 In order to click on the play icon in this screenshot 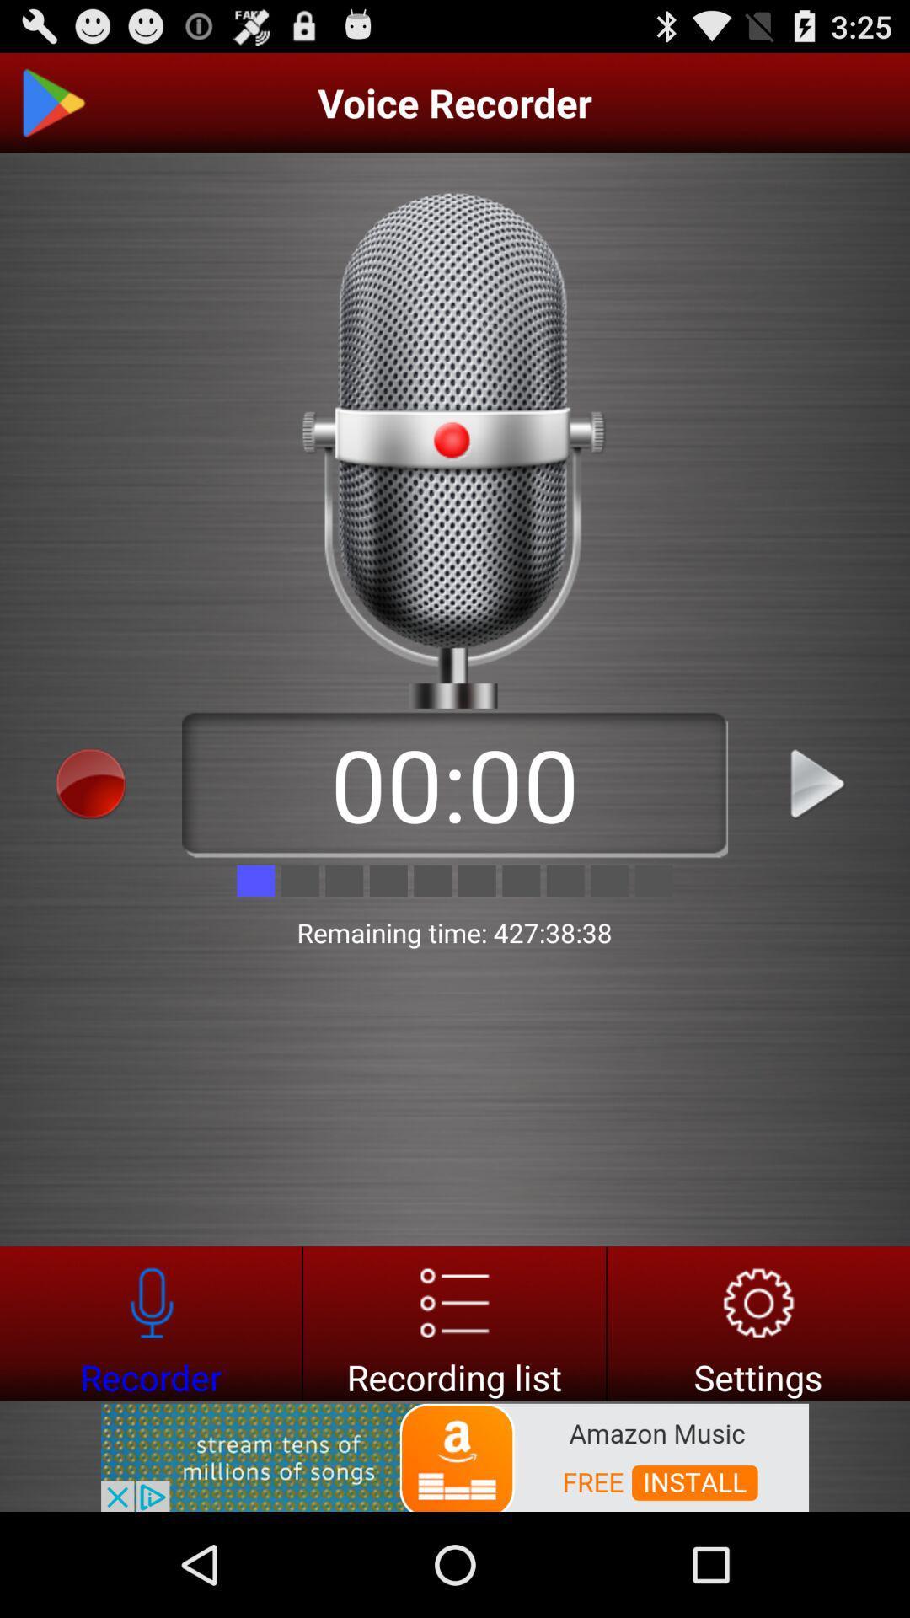, I will do `click(51, 109)`.